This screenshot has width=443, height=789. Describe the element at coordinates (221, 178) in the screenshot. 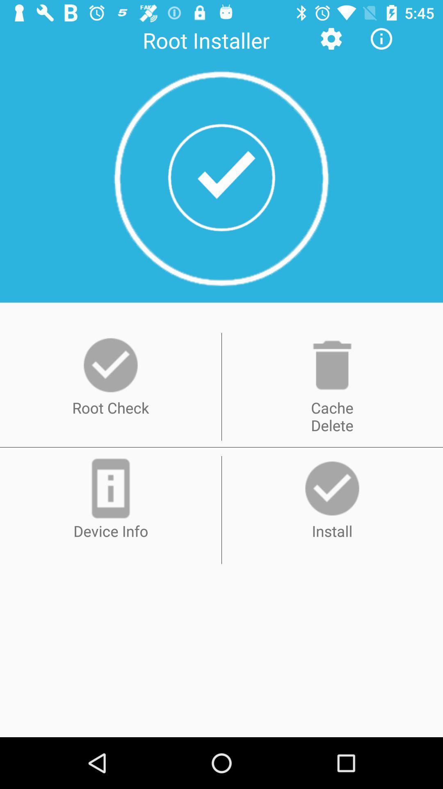

I see `icon below the root installer` at that location.